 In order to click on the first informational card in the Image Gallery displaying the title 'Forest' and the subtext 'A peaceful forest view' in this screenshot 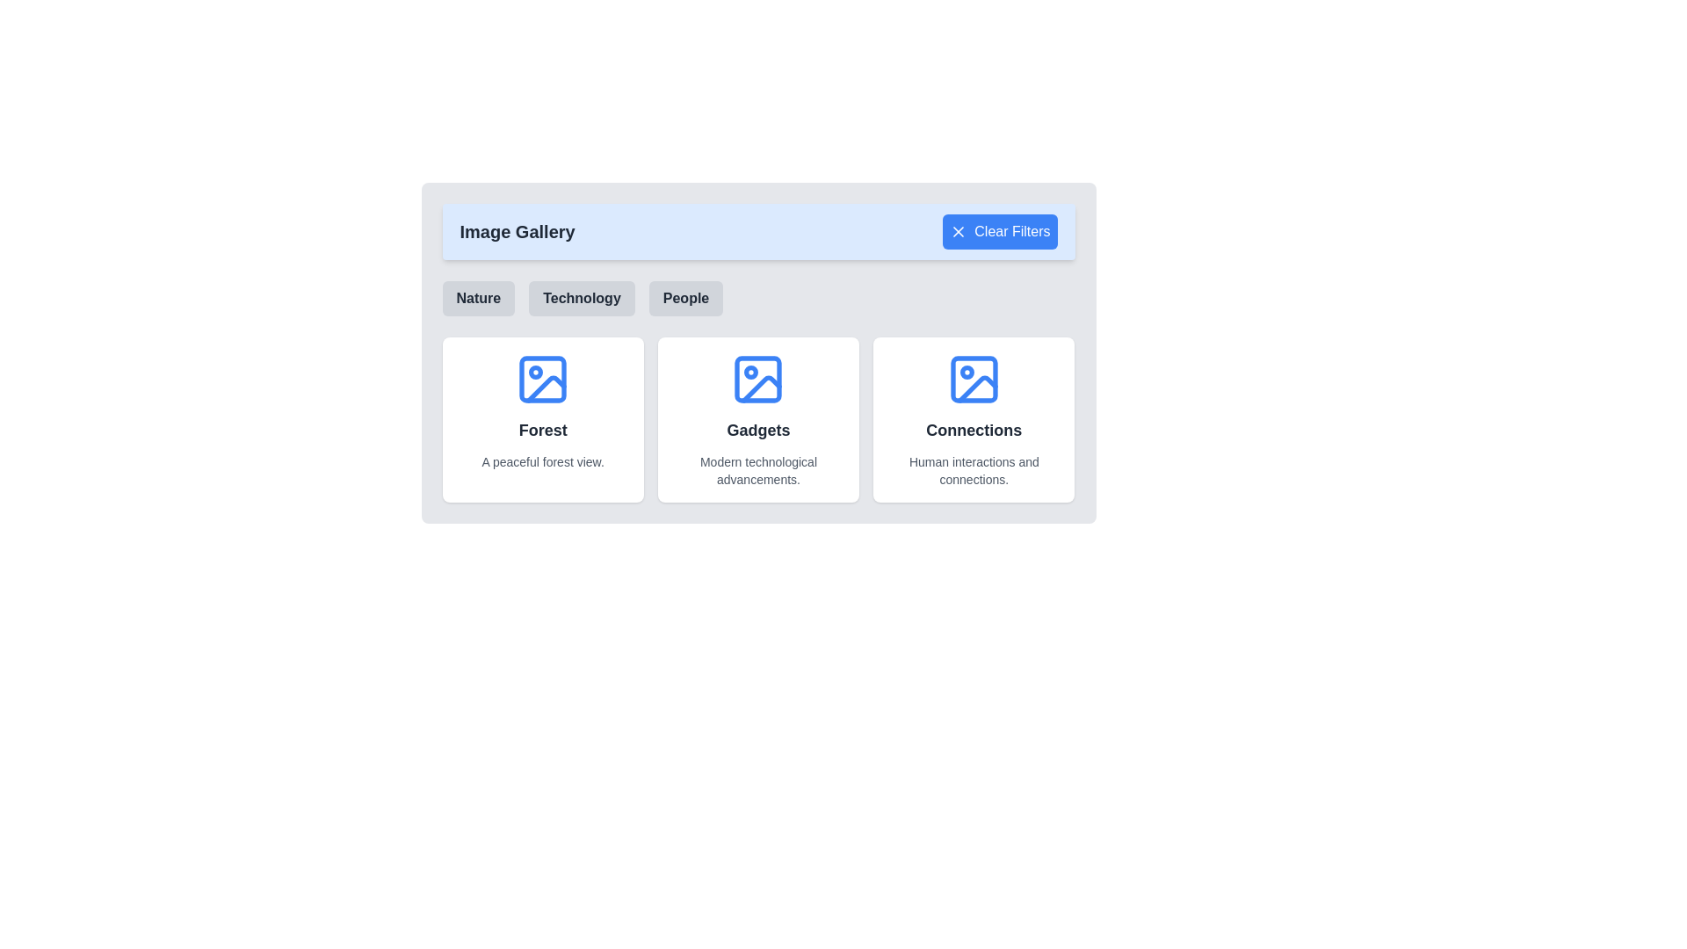, I will do `click(542, 420)`.